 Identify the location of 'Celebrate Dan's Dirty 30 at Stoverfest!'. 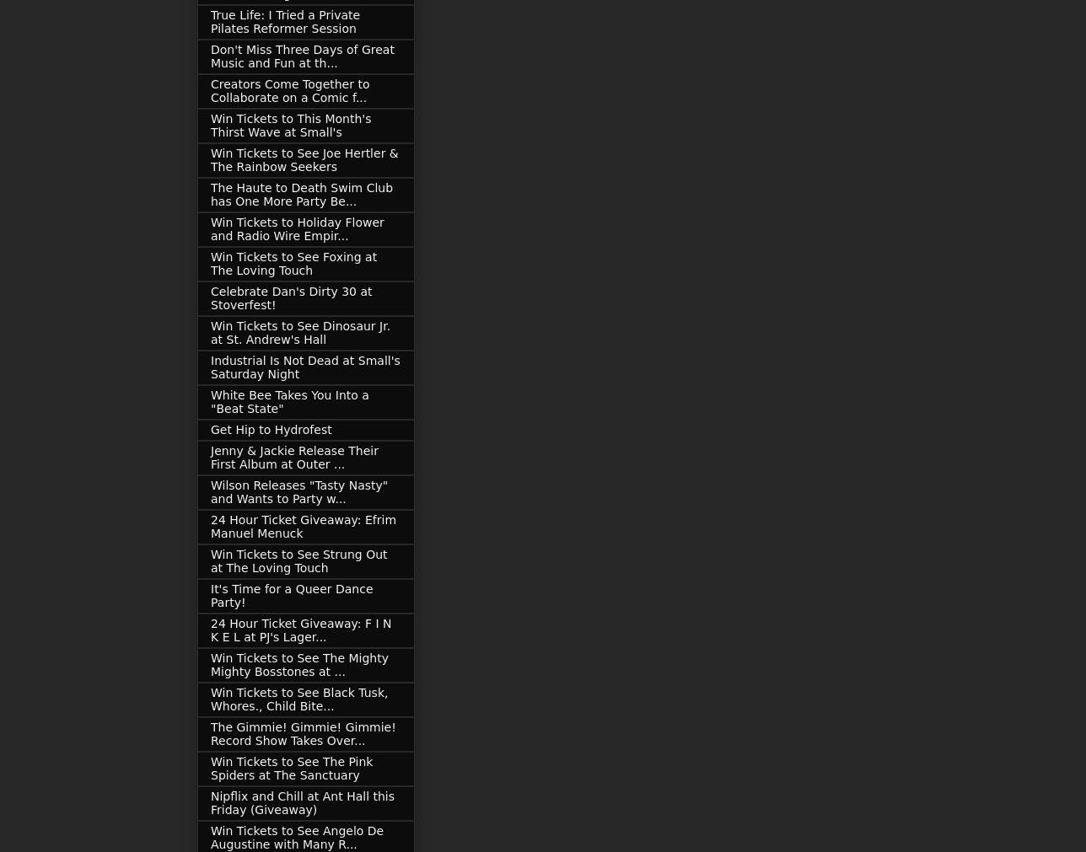
(291, 297).